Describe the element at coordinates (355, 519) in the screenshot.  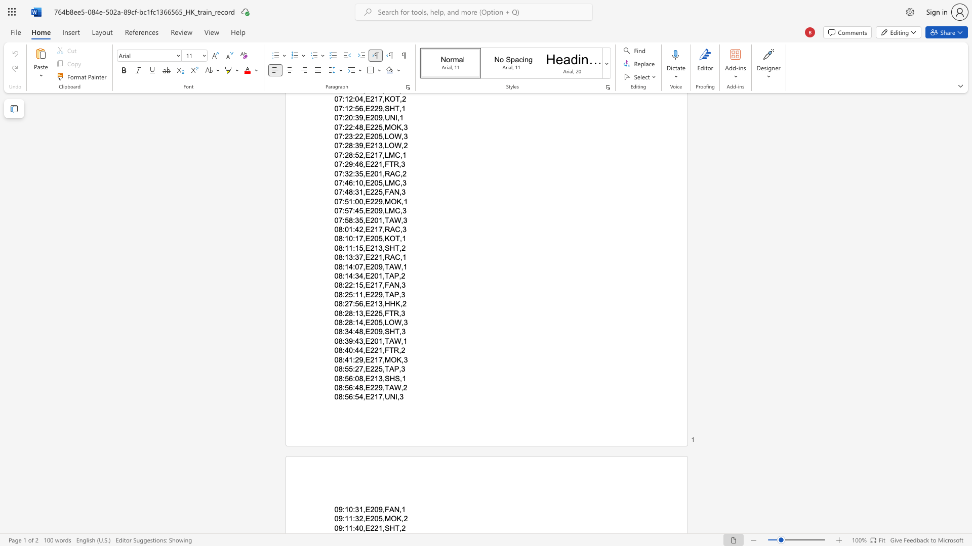
I see `the space between the continuous character ":" and "3" in the text` at that location.